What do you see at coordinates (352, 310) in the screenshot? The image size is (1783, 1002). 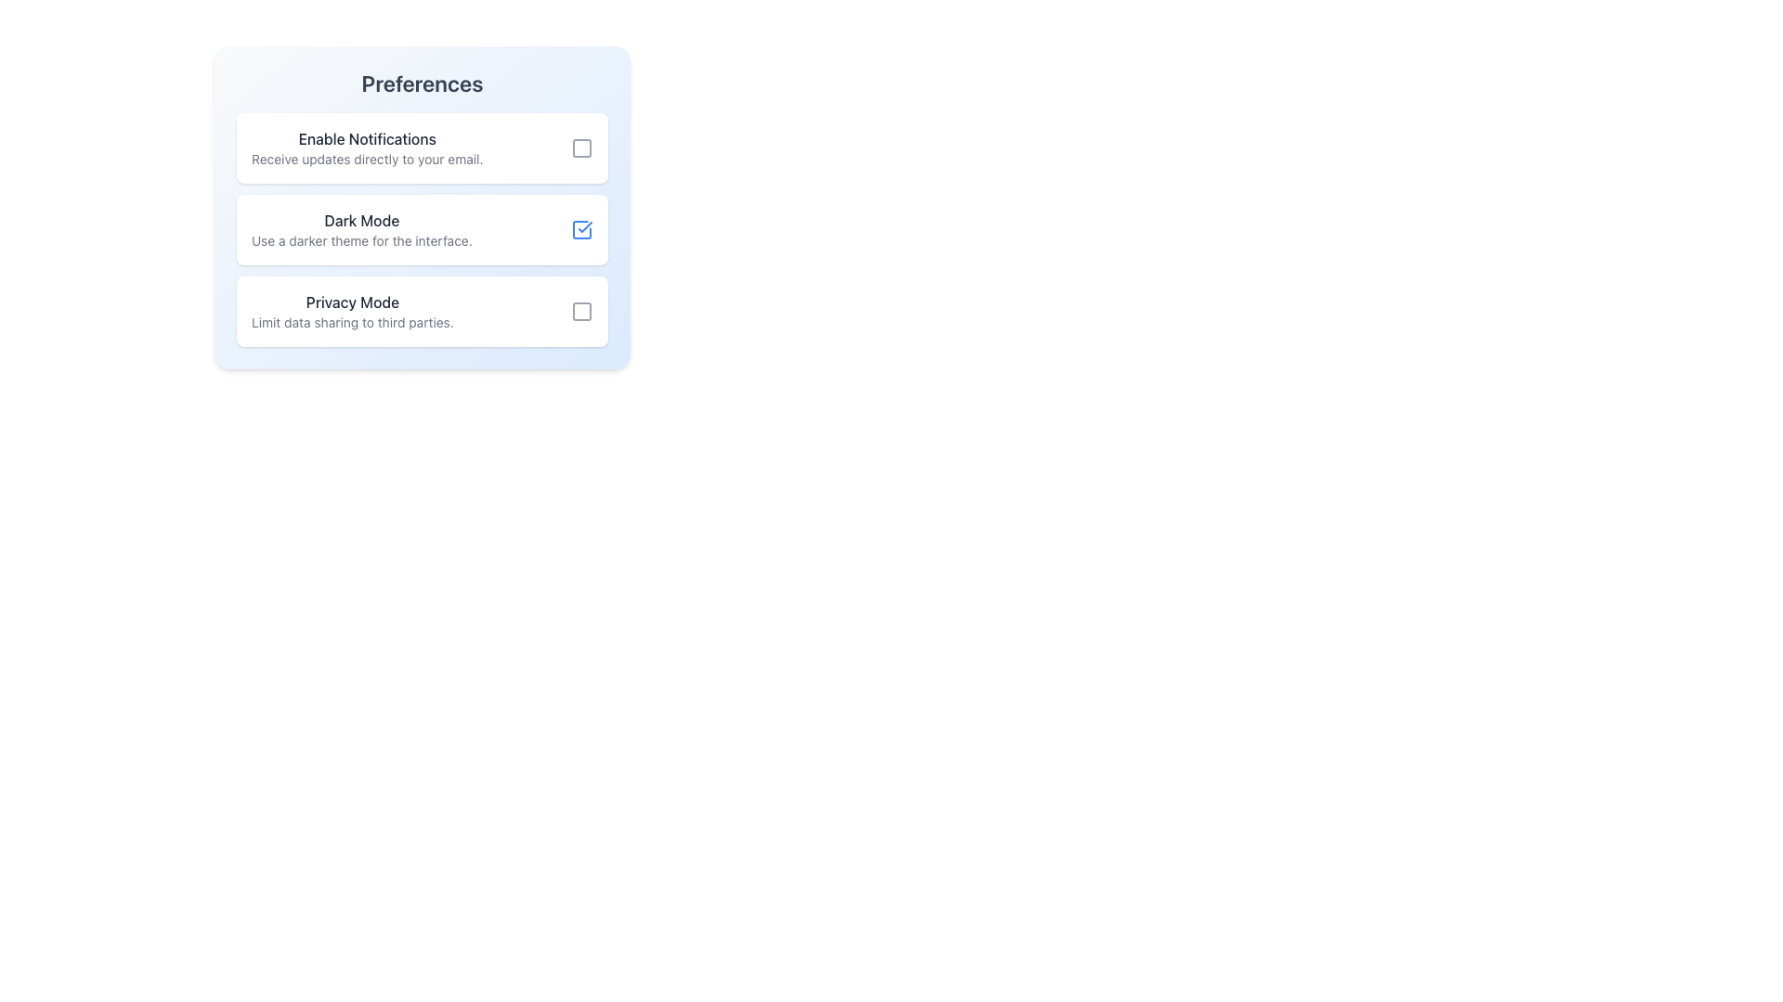 I see `the 'Privacy Mode' text block which features bold text stating 'Privacy Mode' and a description 'Limit data sharing to third parties.' positioned as the third option in the settings list` at bounding box center [352, 310].